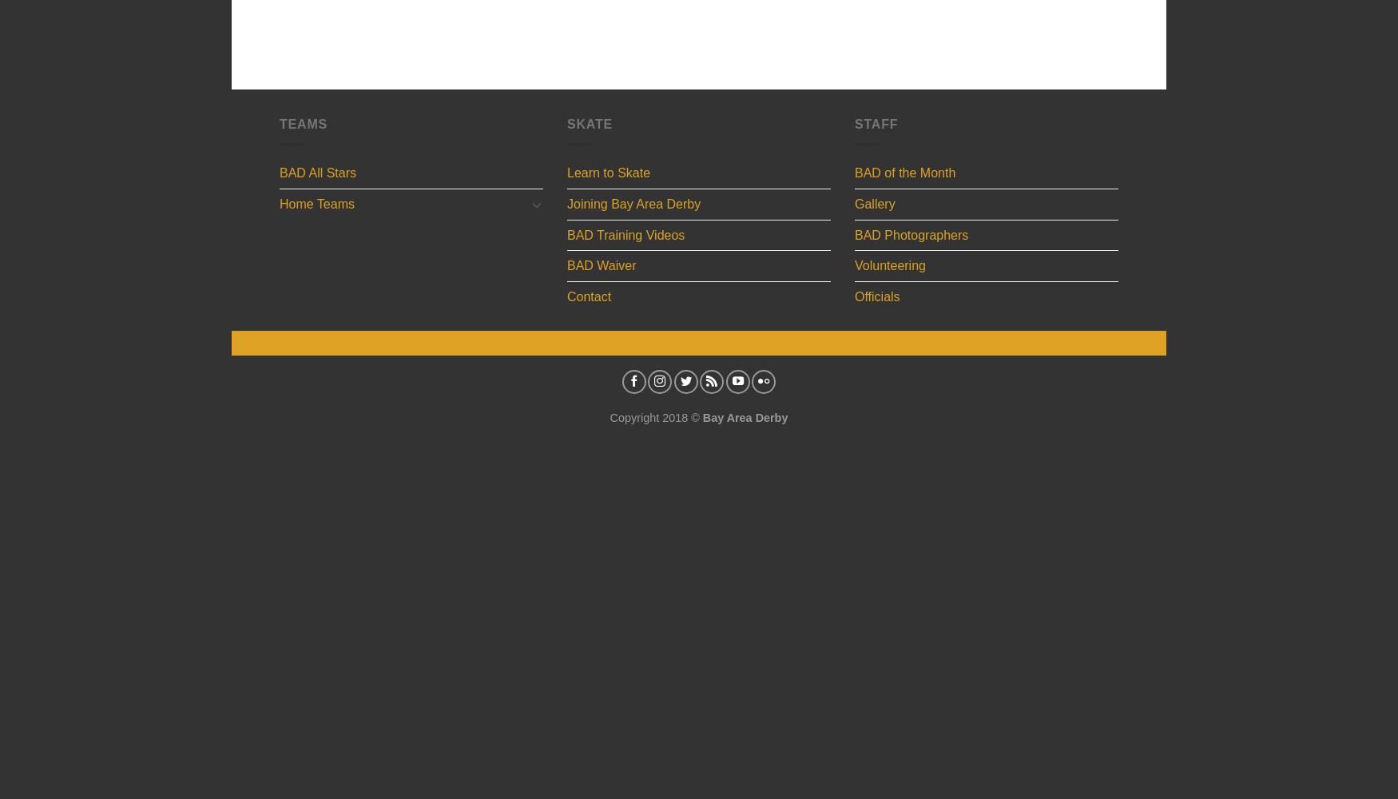 This screenshot has width=1398, height=799. Describe the element at coordinates (566, 204) in the screenshot. I see `'Joining Bay Area Derby'` at that location.